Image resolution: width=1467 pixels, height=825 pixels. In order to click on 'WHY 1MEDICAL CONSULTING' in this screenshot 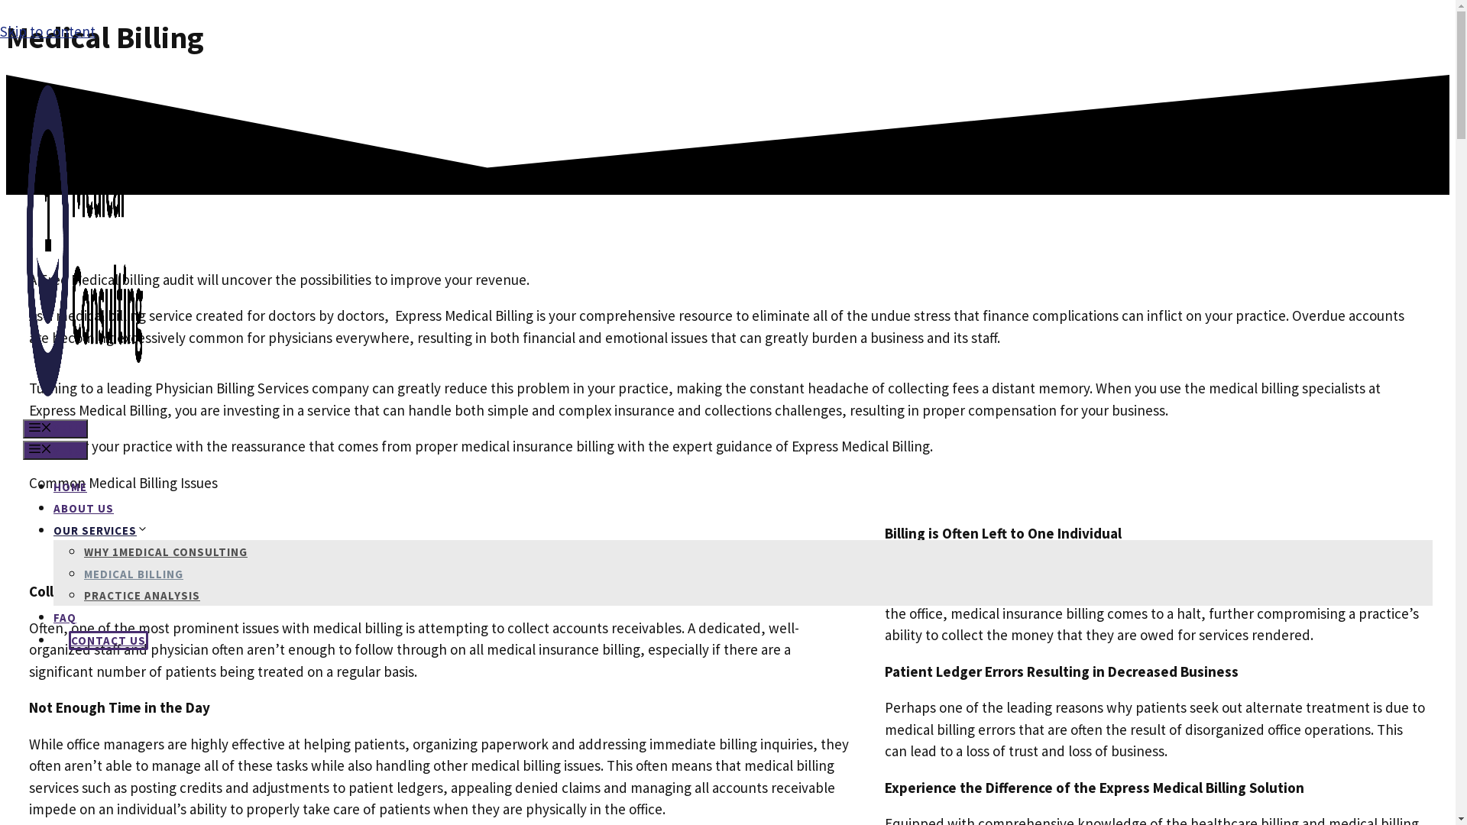, I will do `click(165, 552)`.